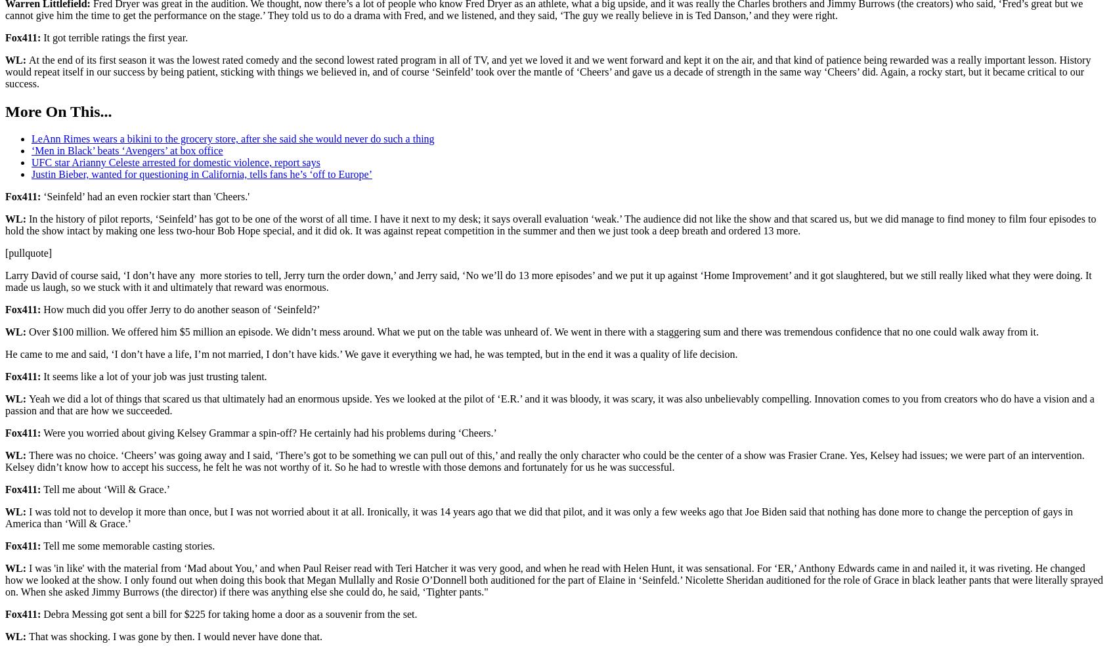 This screenshot has height=652, width=1111. I want to click on '‘Men in Black’ beats ‘Avengers’ at box office', so click(126, 150).